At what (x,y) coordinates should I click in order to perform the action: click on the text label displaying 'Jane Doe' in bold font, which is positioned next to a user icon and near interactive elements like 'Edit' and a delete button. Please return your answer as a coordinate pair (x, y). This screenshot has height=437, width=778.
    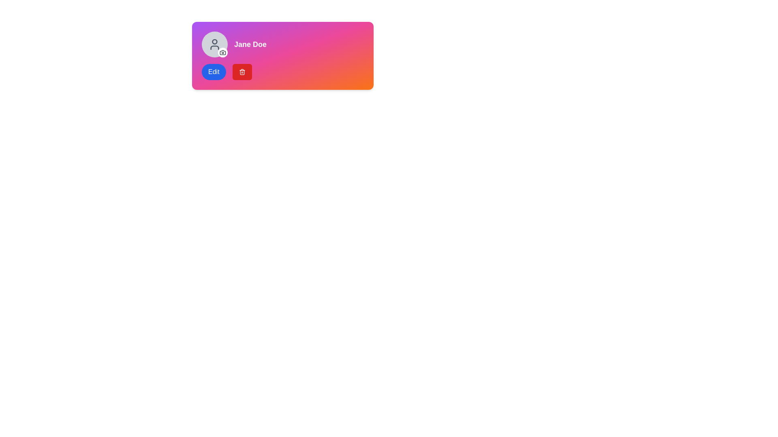
    Looking at the image, I should click on (250, 45).